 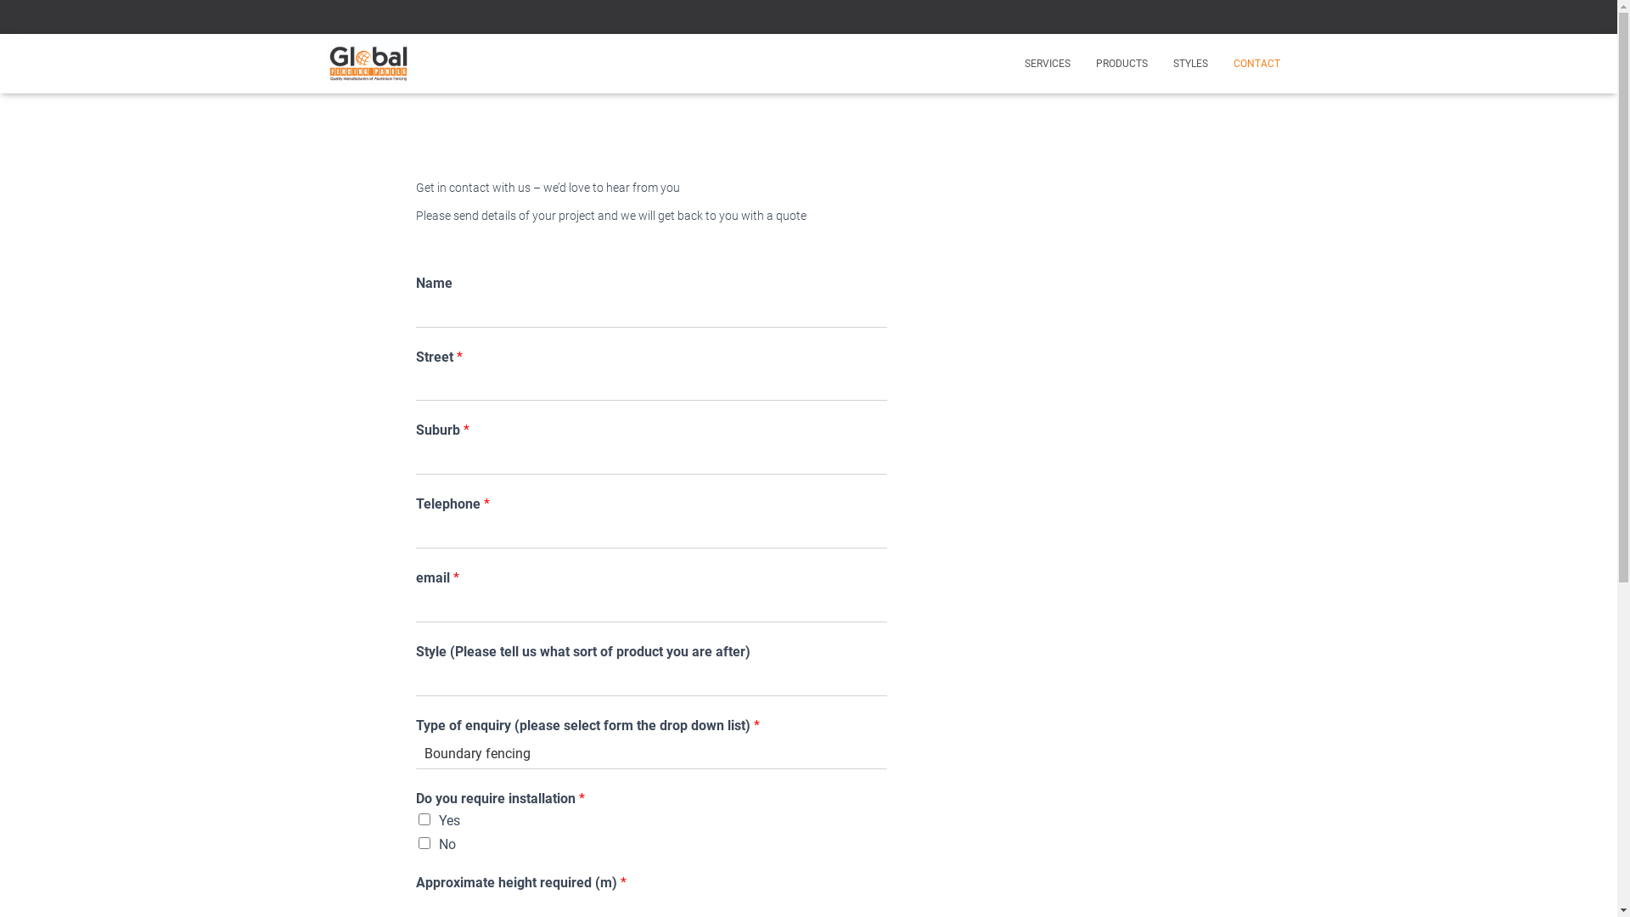 I want to click on 'PRODUCTS', so click(x=1082, y=62).